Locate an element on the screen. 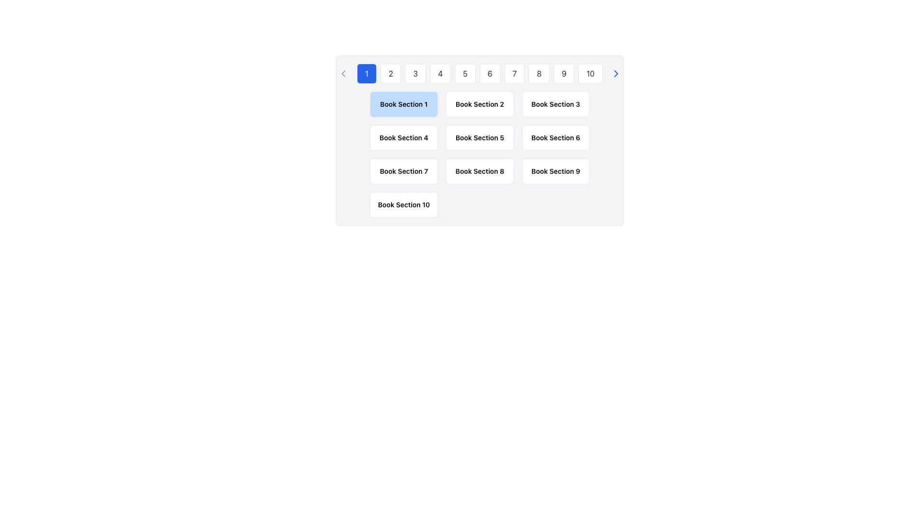  the rectangular button labeled 'Book Section 7' is located at coordinates (404, 171).